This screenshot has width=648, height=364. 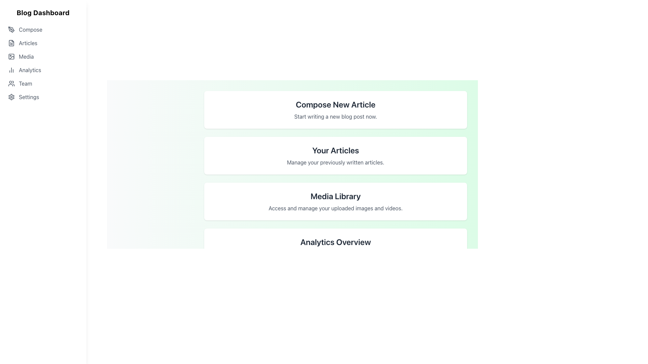 I want to click on the navigational link labeled 'Settings' located at the bottom of the menu list in the left sidebar, so click(x=43, y=97).